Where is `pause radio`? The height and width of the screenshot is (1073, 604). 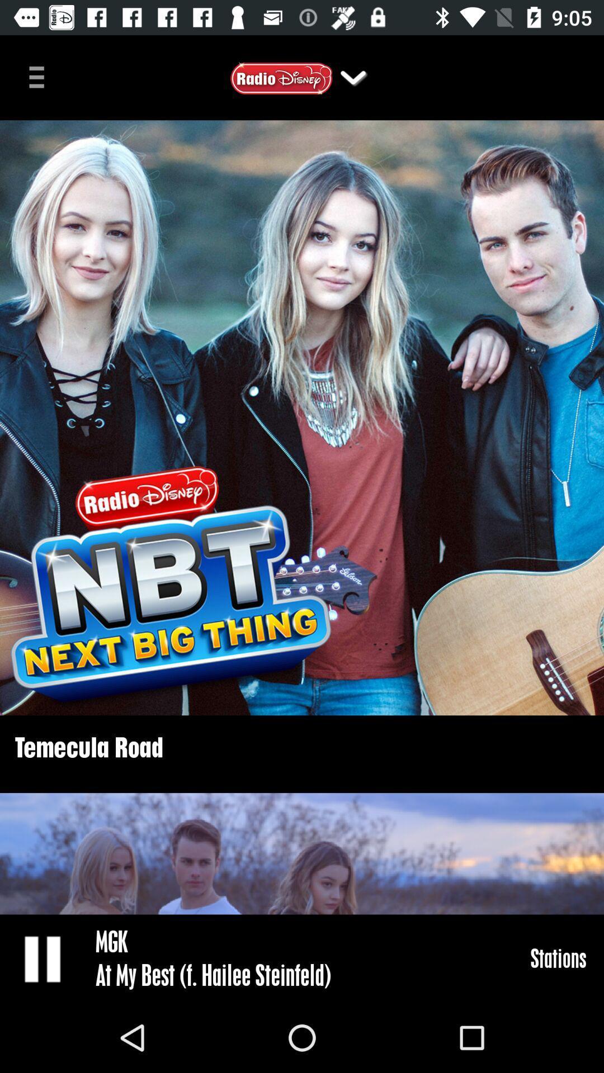 pause radio is located at coordinates (43, 958).